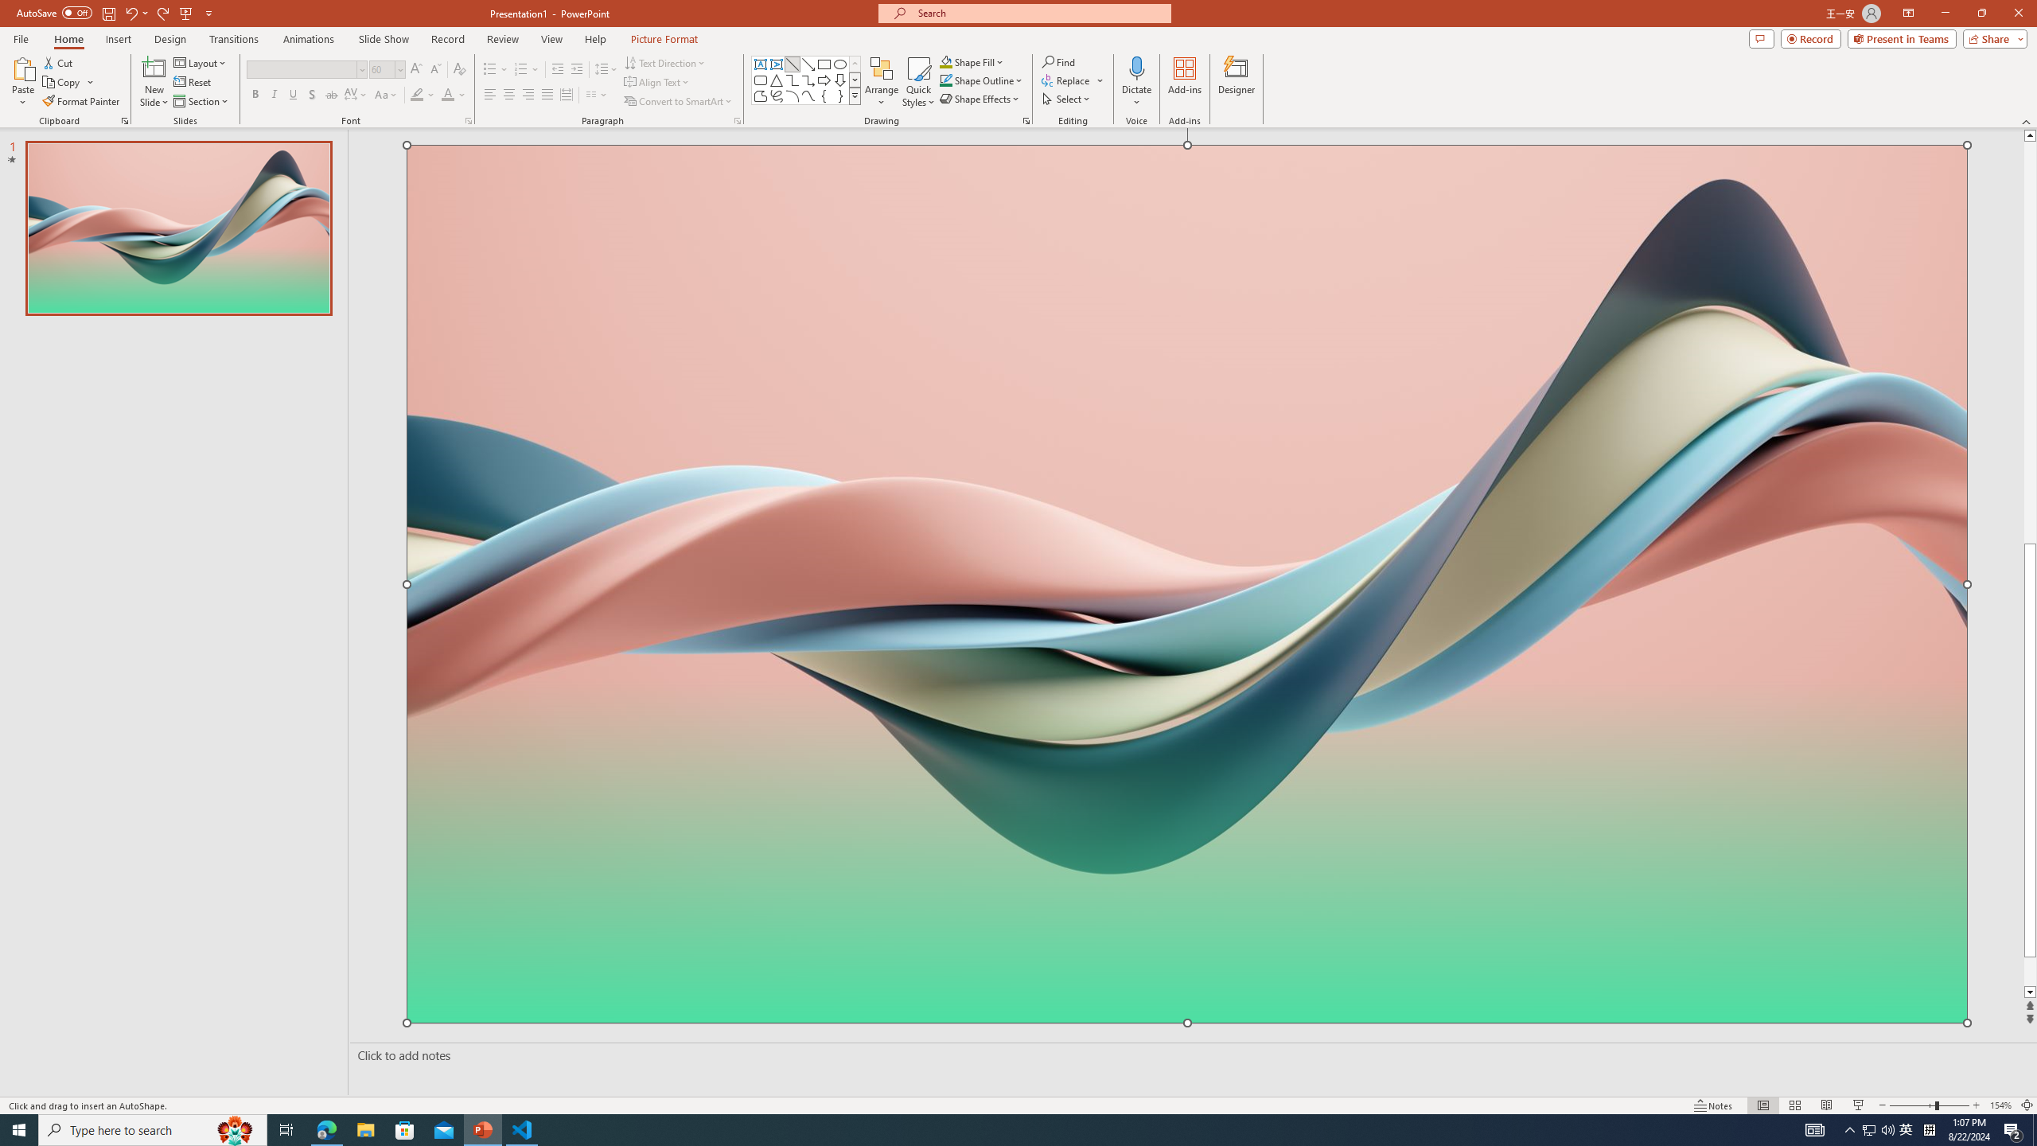 The height and width of the screenshot is (1146, 2037). Describe the element at coordinates (664, 39) in the screenshot. I see `'Picture Format'` at that location.